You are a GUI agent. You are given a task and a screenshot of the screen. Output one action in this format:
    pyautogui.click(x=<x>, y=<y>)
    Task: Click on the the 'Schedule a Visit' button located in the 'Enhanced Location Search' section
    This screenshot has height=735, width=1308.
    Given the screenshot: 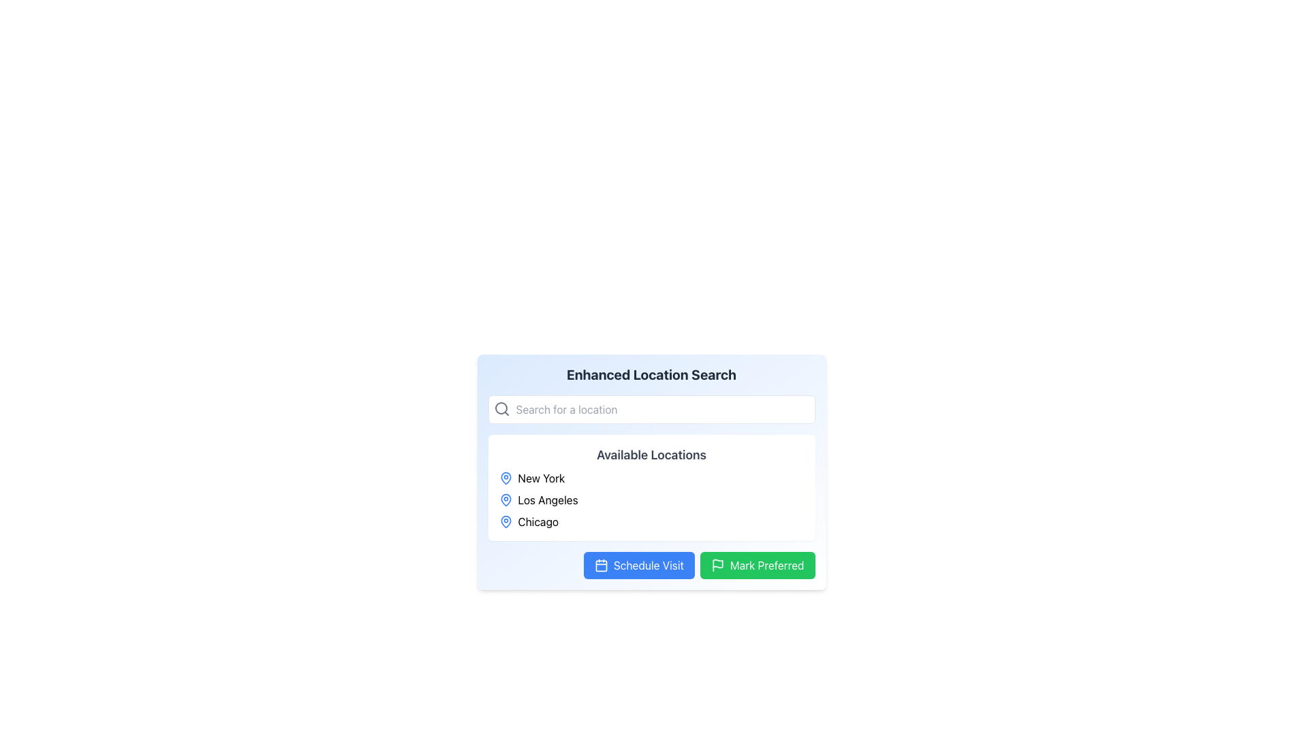 What is the action you would take?
    pyautogui.click(x=651, y=565)
    